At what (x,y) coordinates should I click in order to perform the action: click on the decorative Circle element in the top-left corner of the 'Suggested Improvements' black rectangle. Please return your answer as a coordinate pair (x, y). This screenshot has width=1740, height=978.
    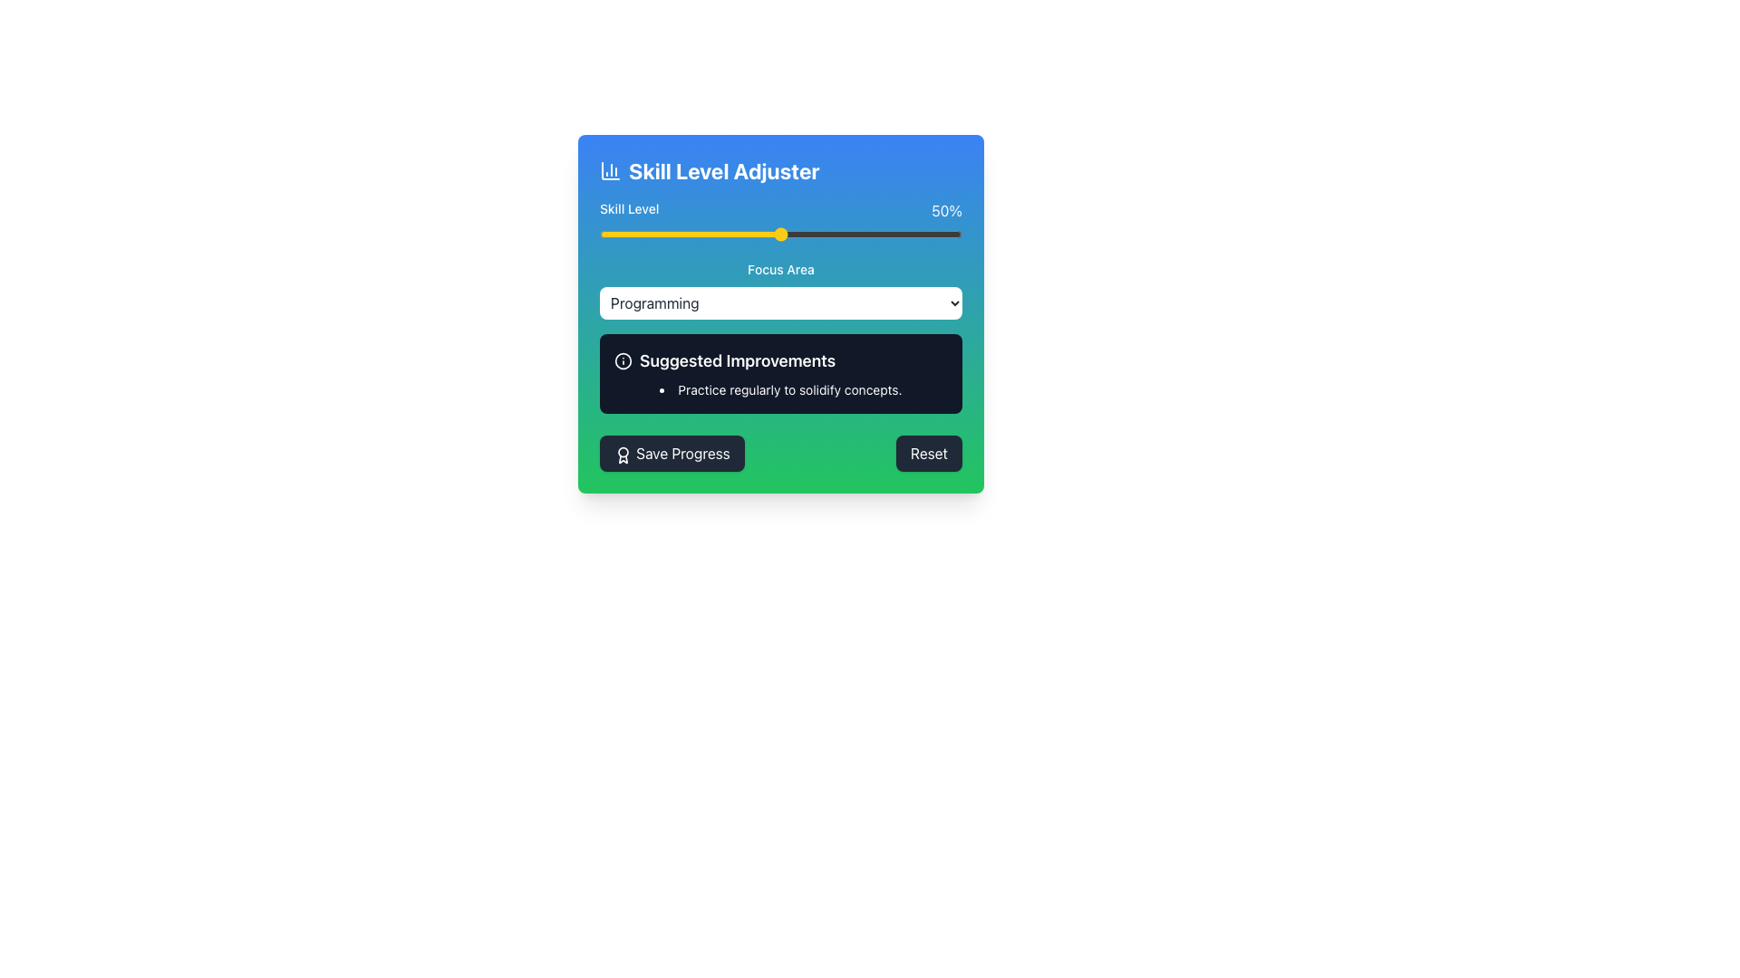
    Looking at the image, I should click on (623, 360).